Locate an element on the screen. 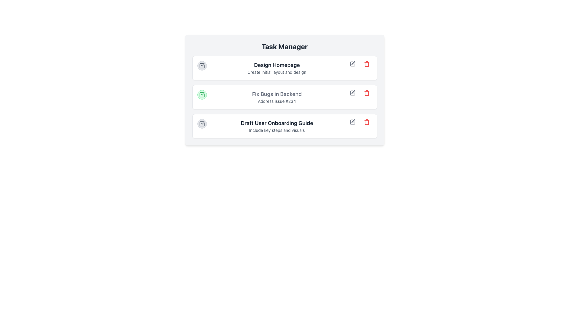 The image size is (569, 320). the static label or task title text located in the first task row of the task manager interface, which summarizes the task's purpose is located at coordinates (276, 65).